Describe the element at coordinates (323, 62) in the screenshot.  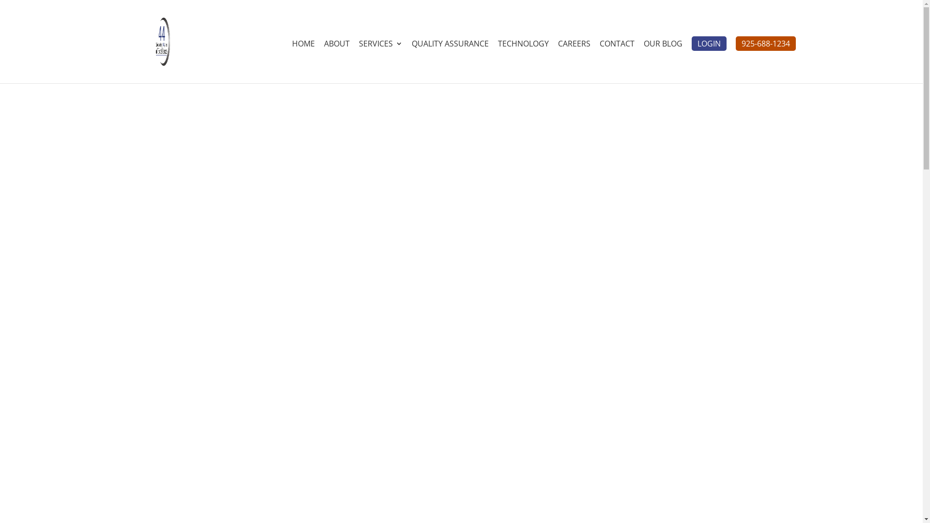
I see `'ABOUT'` at that location.